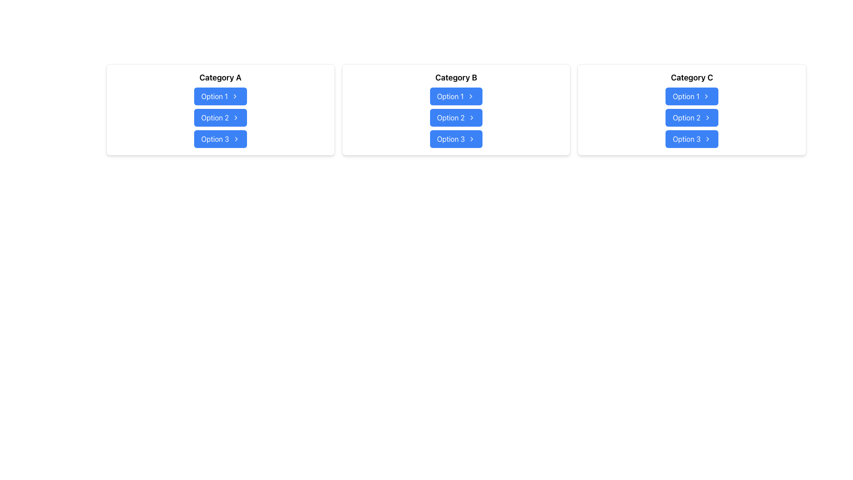 The height and width of the screenshot is (480, 853). What do you see at coordinates (220, 77) in the screenshot?
I see `the Text Label that serves as a title or header in the top-left card of a bordered, shadowed, white box` at bounding box center [220, 77].